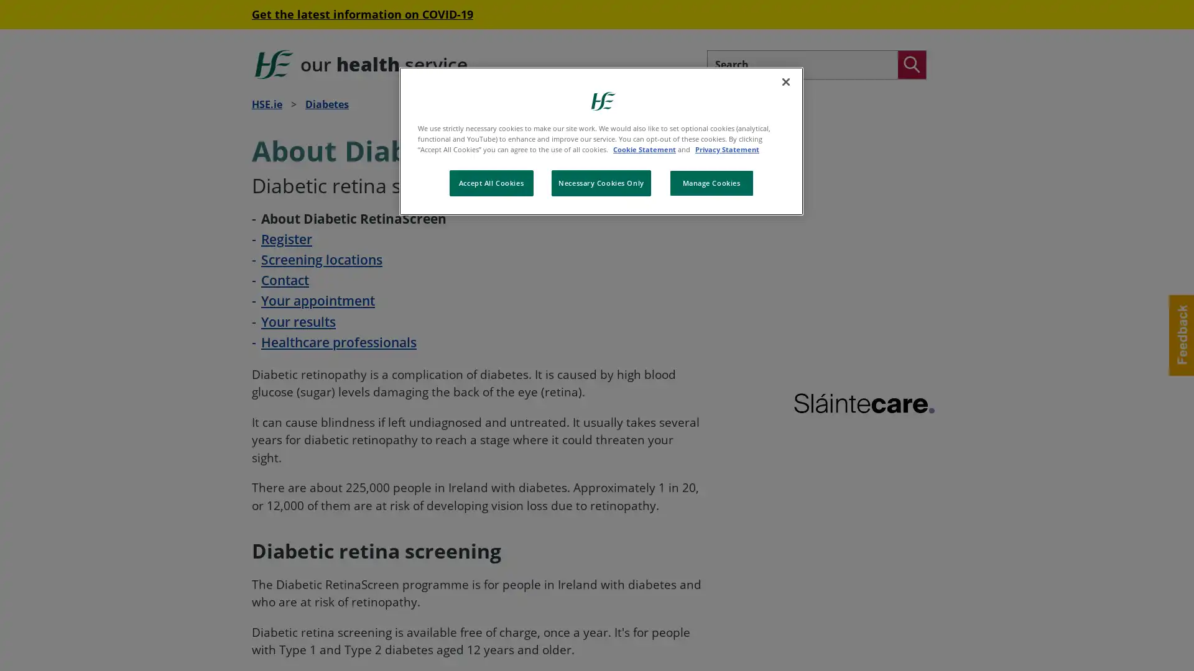  Describe the element at coordinates (601, 183) in the screenshot. I see `Necessary Cookies Only` at that location.